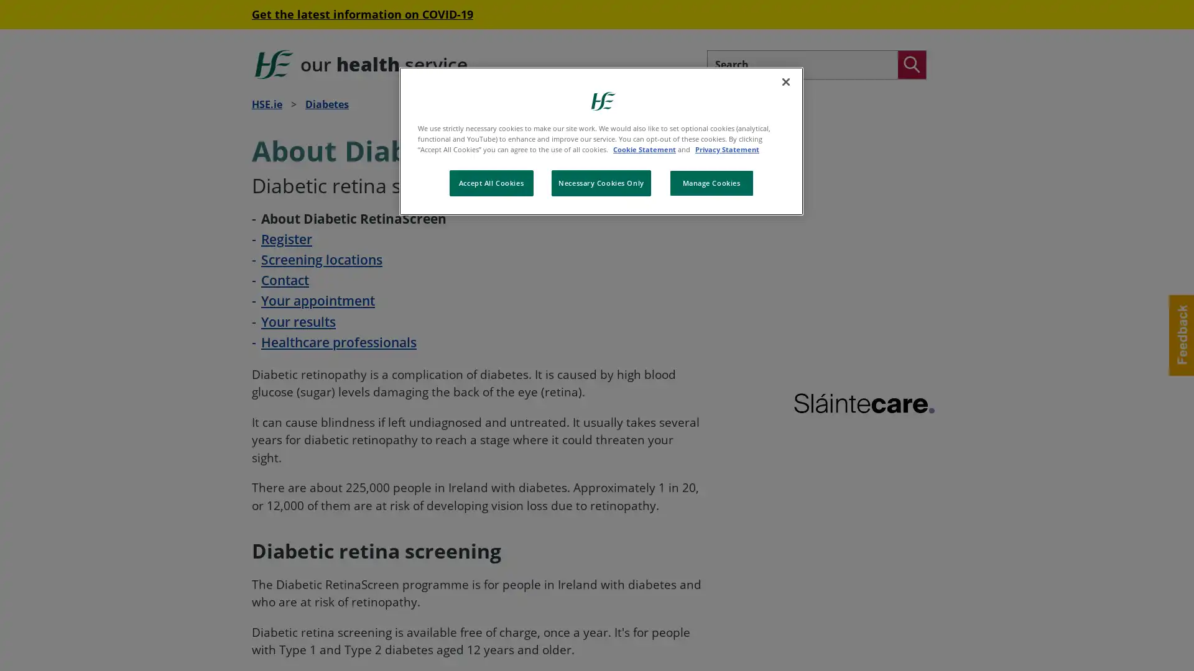  Describe the element at coordinates (601, 183) in the screenshot. I see `Necessary Cookies Only` at that location.